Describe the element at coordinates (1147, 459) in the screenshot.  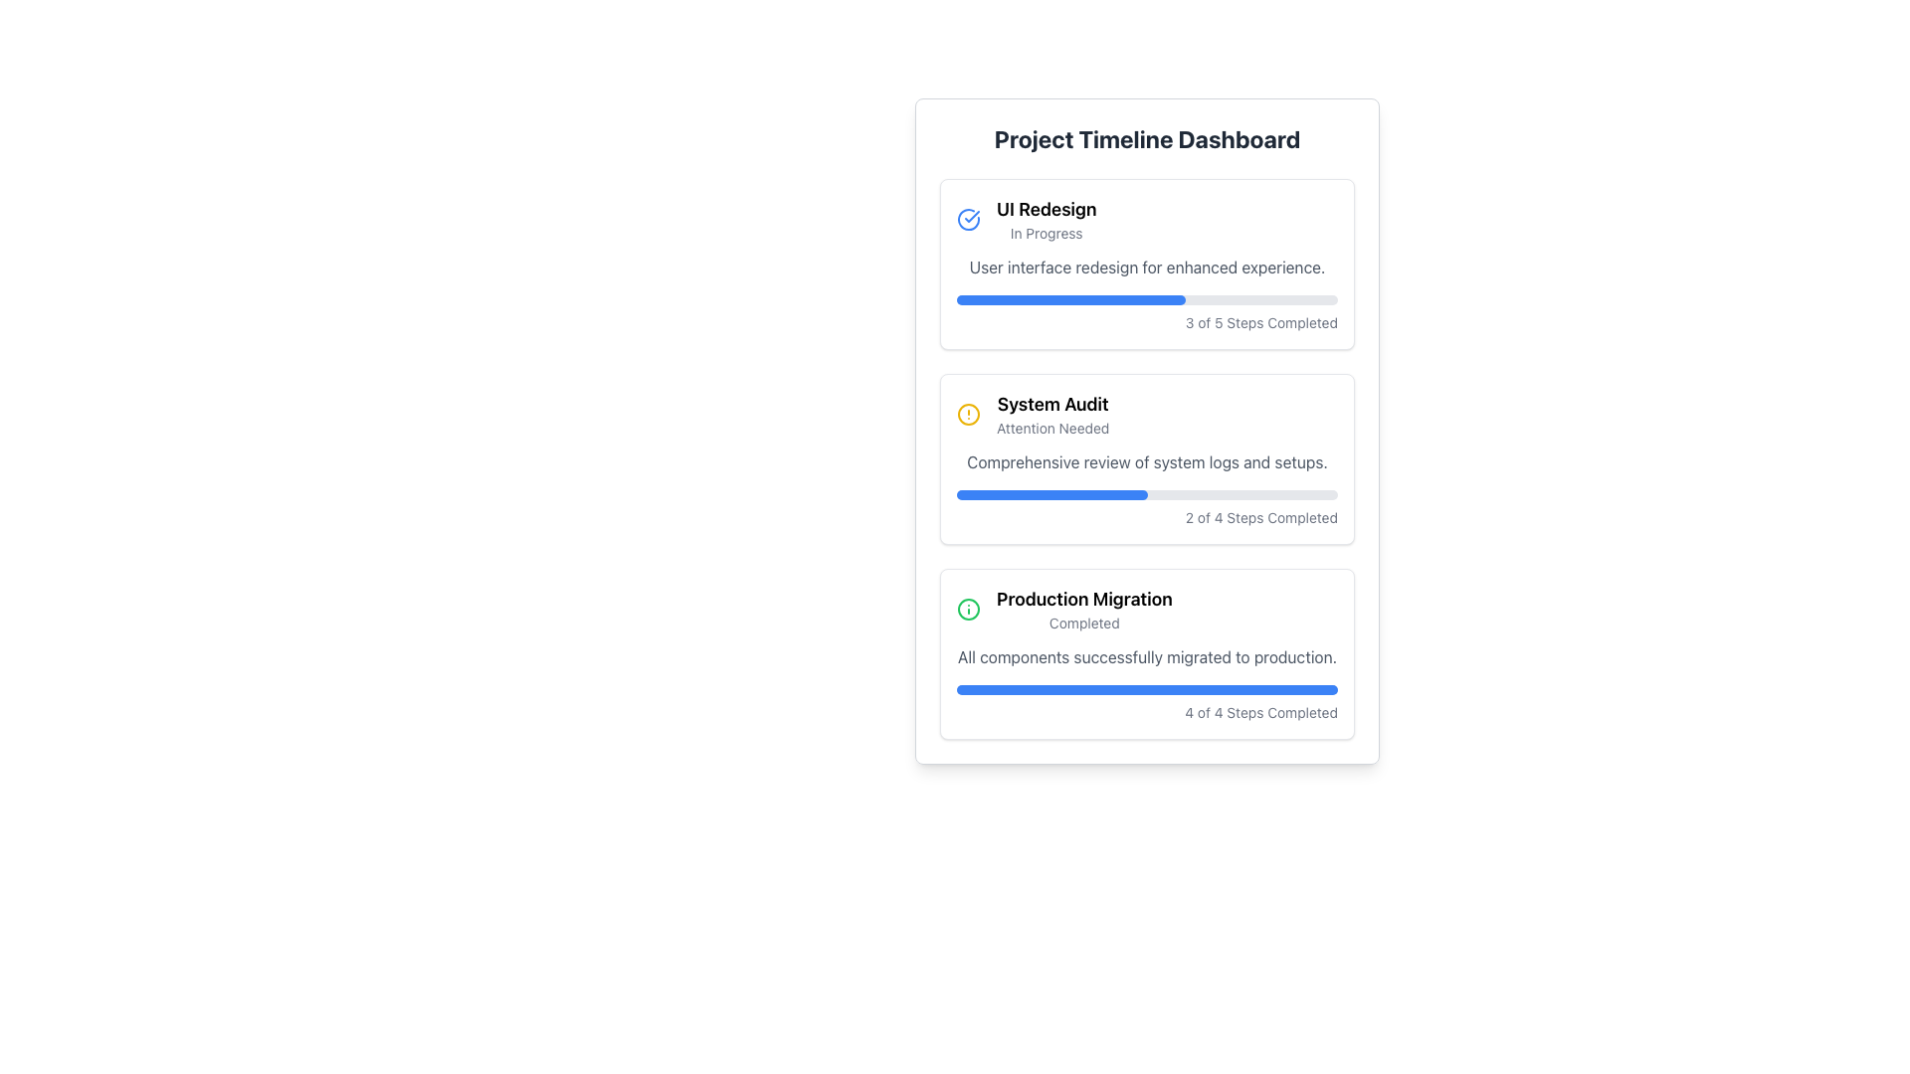
I see `the attention request on the 'System Audit' module located in the Project Timeline Dashboard, which is the second module below 'UI Redesign'` at that location.